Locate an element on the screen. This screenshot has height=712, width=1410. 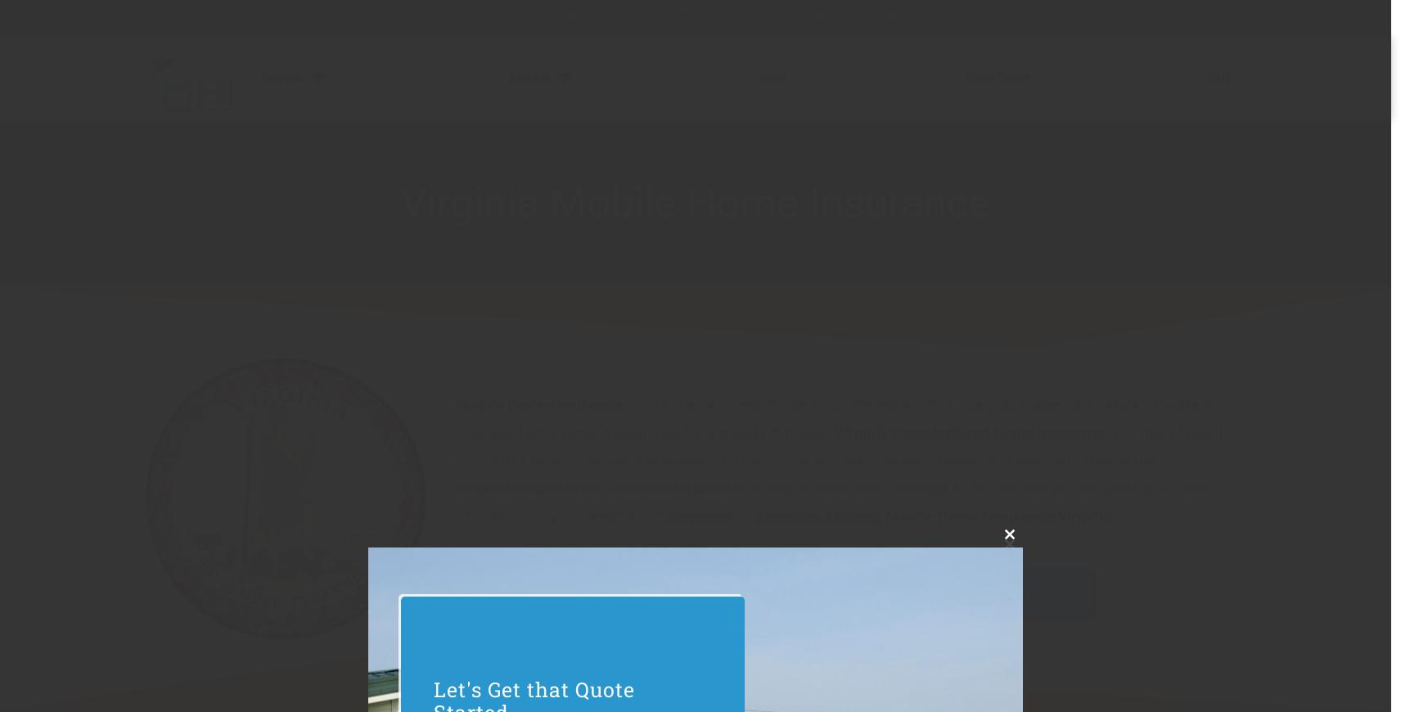
'Foremost' is located at coordinates (665, 515).